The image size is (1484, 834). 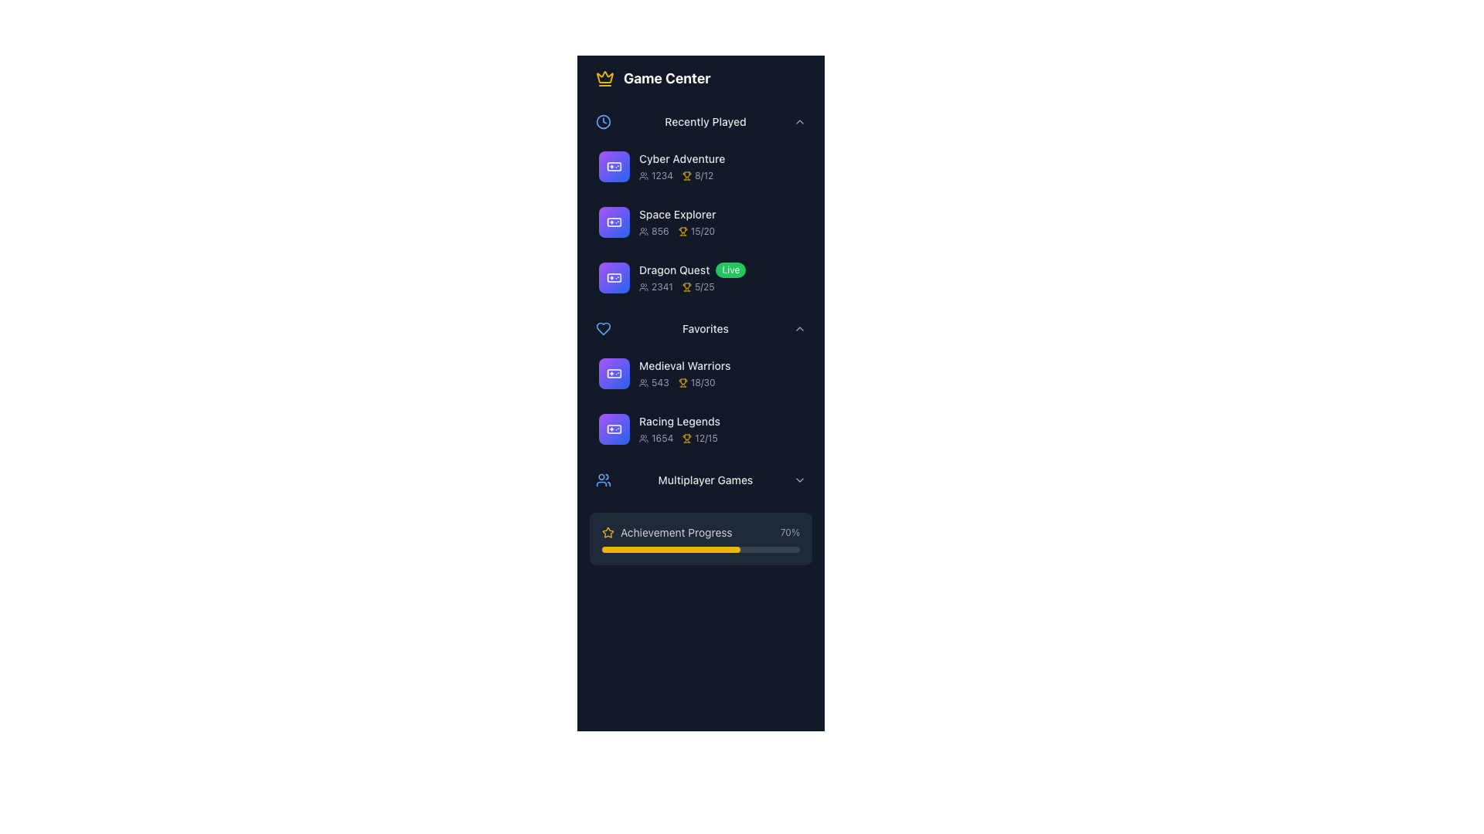 What do you see at coordinates (702, 382) in the screenshot?
I see `text label displaying '18/30' that is part of the 'Medieval Warriors' item in the 'Favorites' section, positioned to the right of the trophy count` at bounding box center [702, 382].